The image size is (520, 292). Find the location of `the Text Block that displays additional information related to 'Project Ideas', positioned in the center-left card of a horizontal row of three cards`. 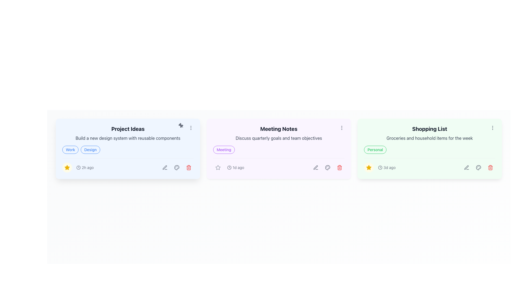

the Text Block that displays additional information related to 'Project Ideas', positioned in the center-left card of a horizontal row of three cards is located at coordinates (128, 138).